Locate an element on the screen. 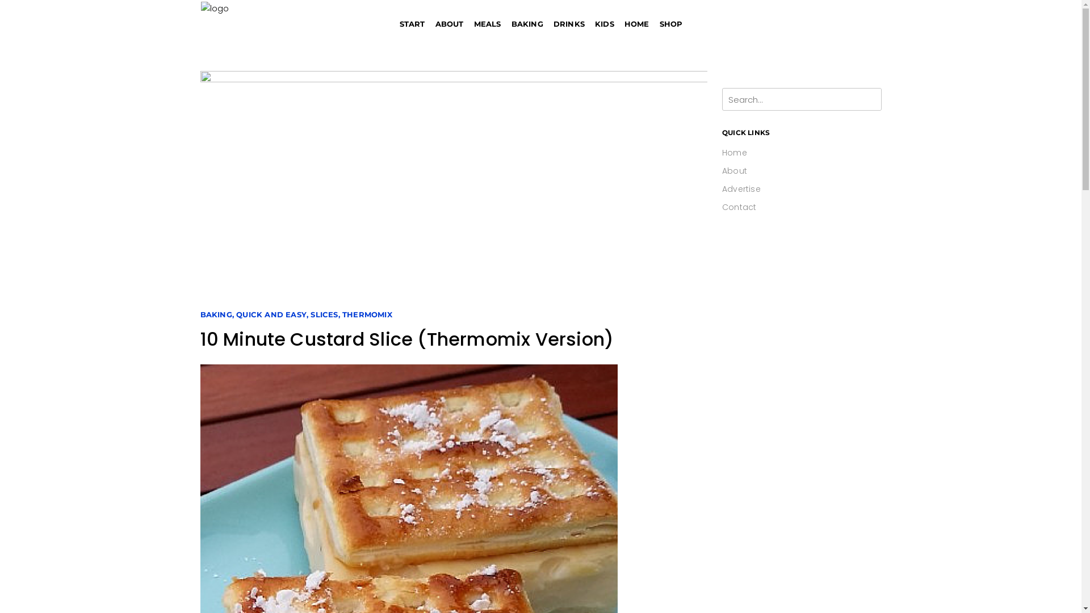 Image resolution: width=1090 pixels, height=613 pixels. 'KIDS' is located at coordinates (604, 24).